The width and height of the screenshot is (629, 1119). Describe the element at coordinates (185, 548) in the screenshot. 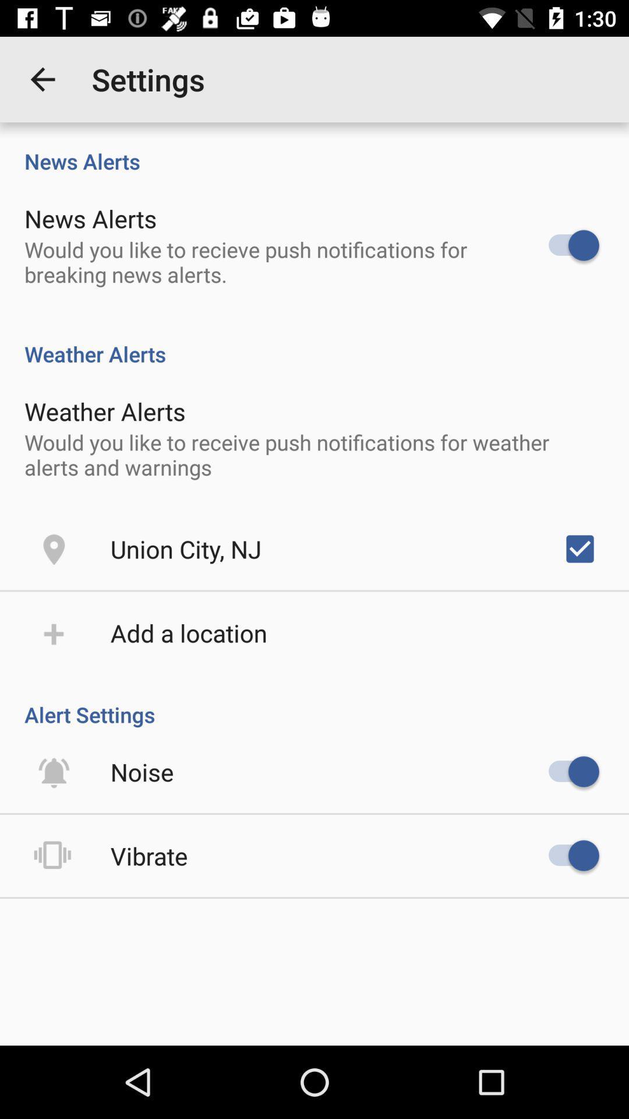

I see `union city, nj icon` at that location.